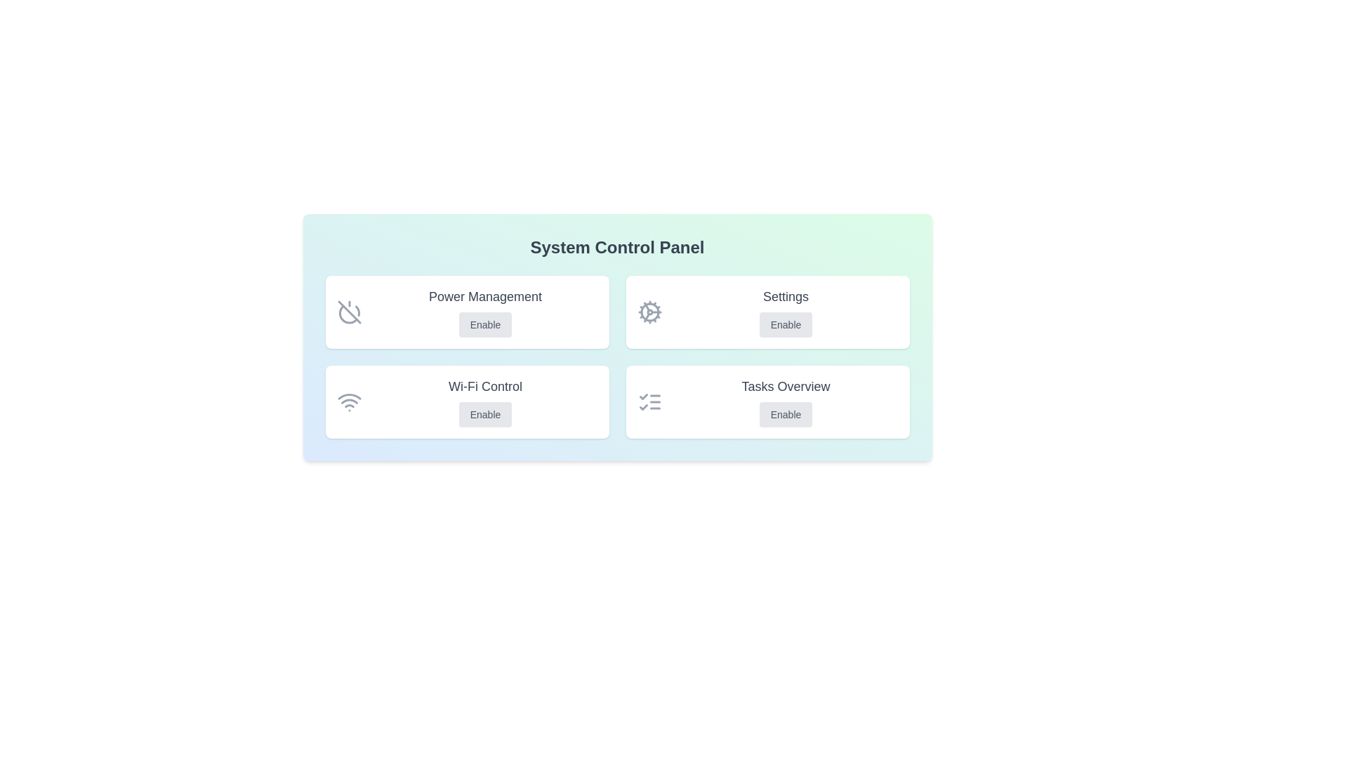 The width and height of the screenshot is (1348, 758). I want to click on the Text label that describes the Wi-Fi Control feature, located in the lower-left segment of the System Control Panel, directly above the Enable button, so click(485, 387).